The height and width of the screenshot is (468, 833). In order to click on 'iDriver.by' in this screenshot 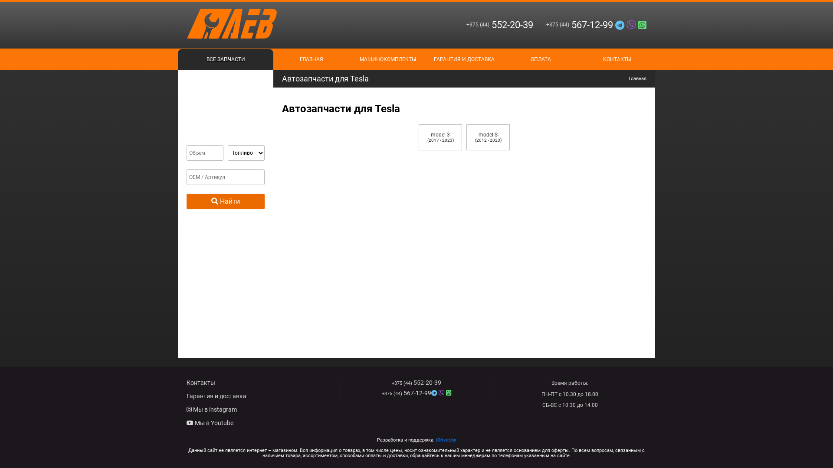, I will do `click(446, 440)`.